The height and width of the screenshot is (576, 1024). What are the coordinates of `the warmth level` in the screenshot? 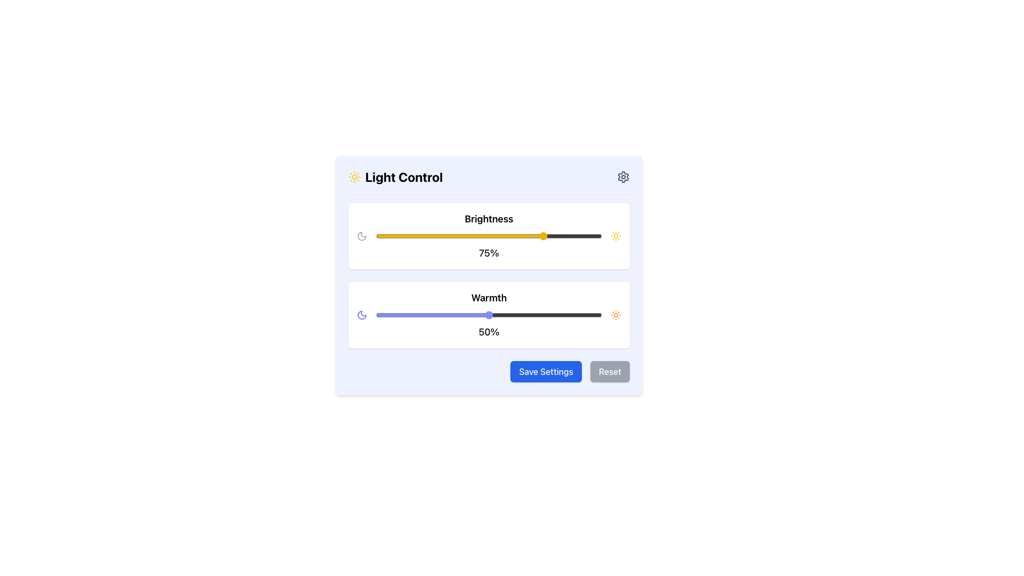 It's located at (420, 314).